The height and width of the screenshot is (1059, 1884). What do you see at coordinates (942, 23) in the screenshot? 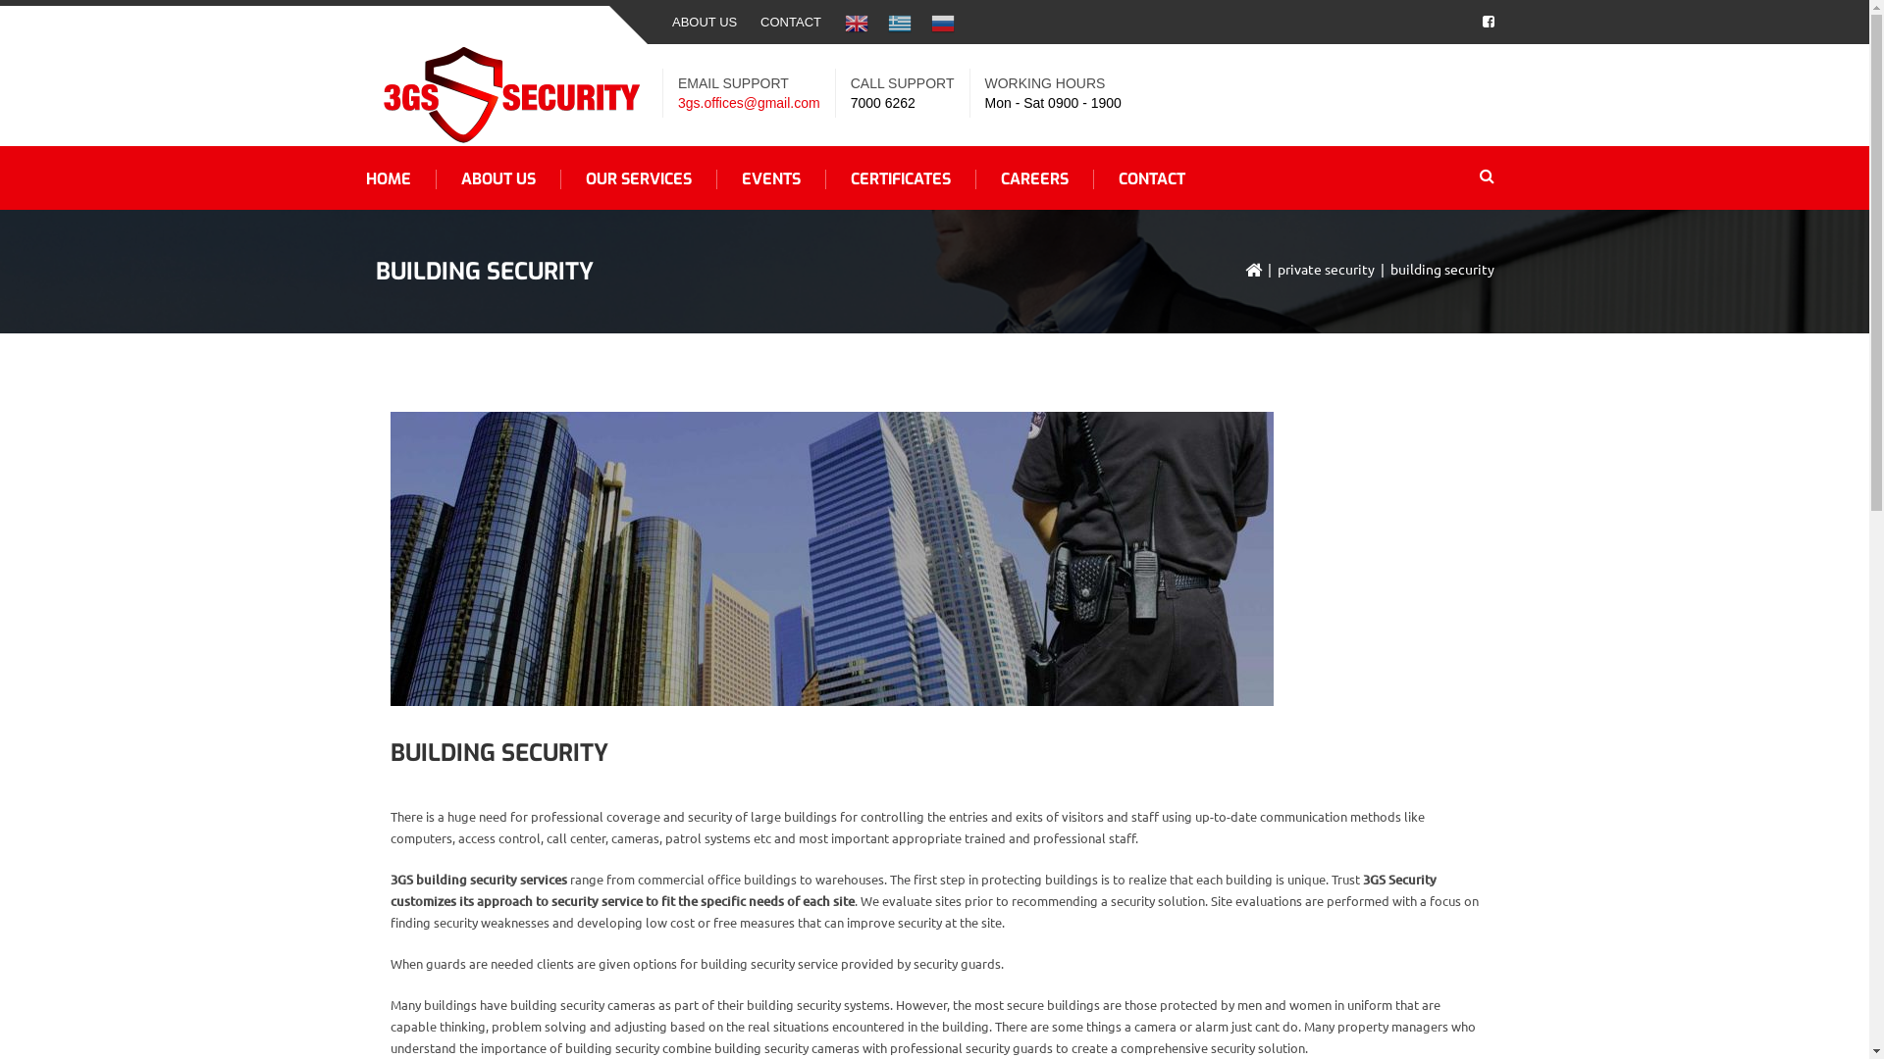
I see `'Russian'` at bounding box center [942, 23].